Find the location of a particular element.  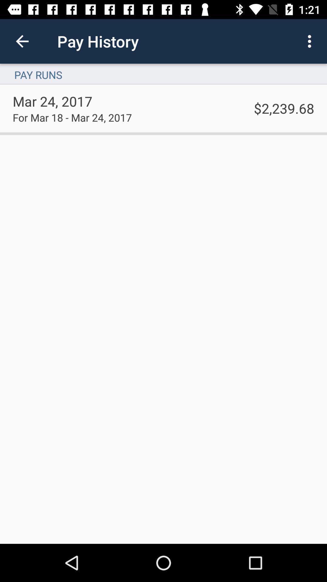

the item above pay runs icon is located at coordinates (22, 41).